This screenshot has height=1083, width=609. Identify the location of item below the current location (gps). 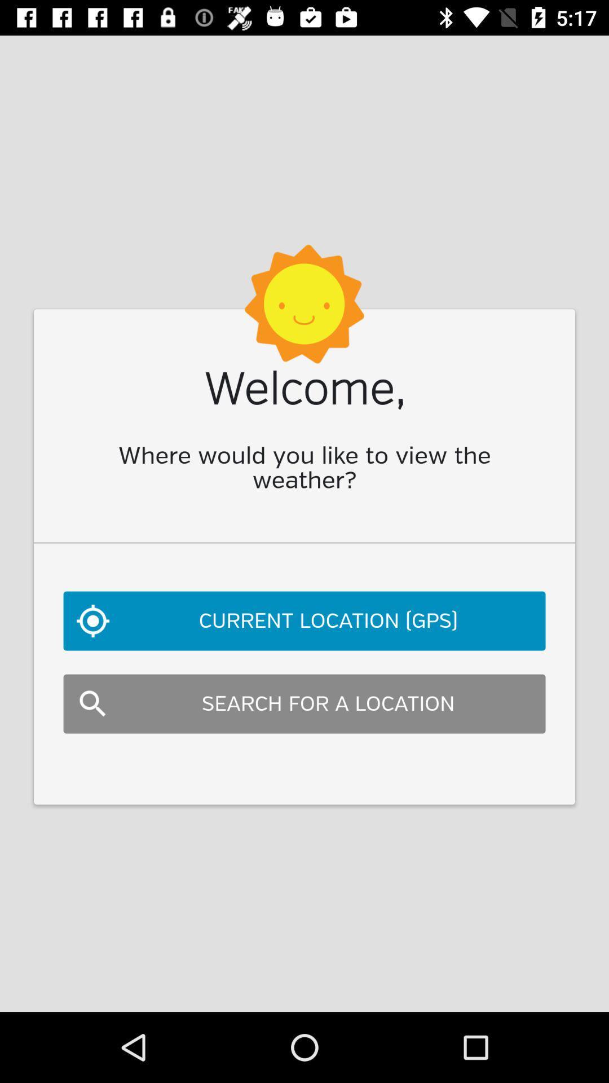
(304, 703).